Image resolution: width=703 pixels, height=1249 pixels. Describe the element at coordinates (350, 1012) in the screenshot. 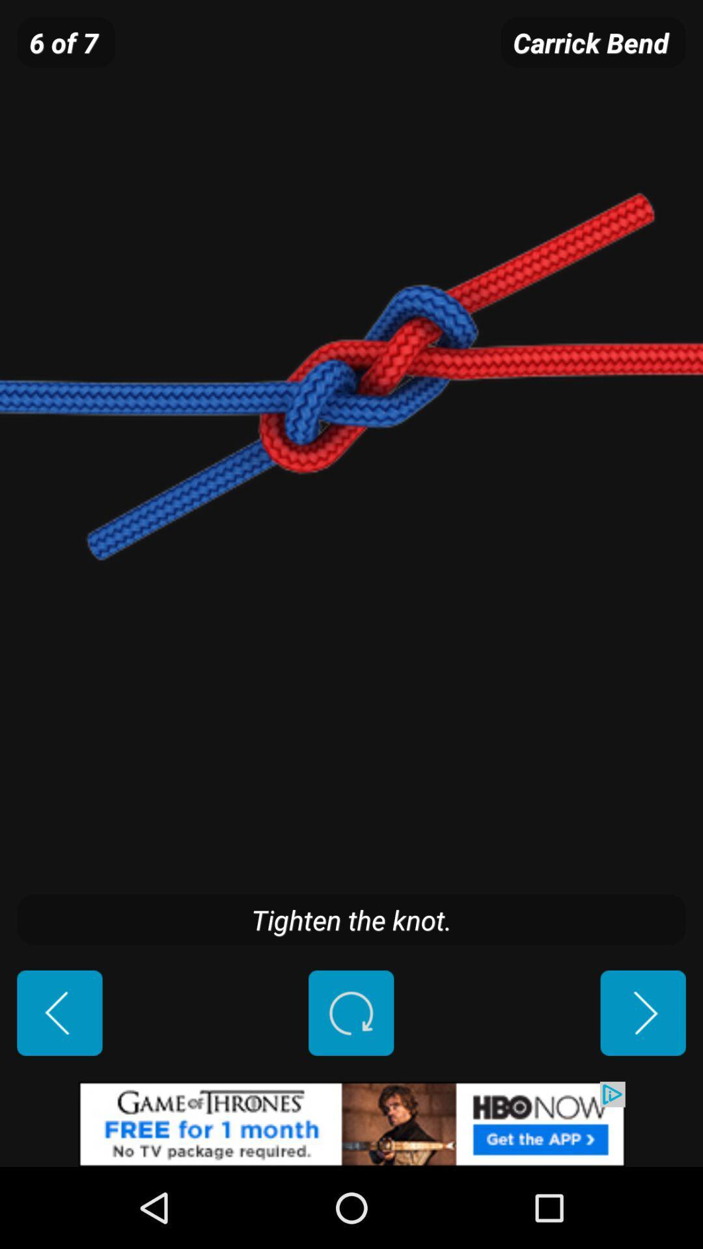

I see `refresh` at that location.